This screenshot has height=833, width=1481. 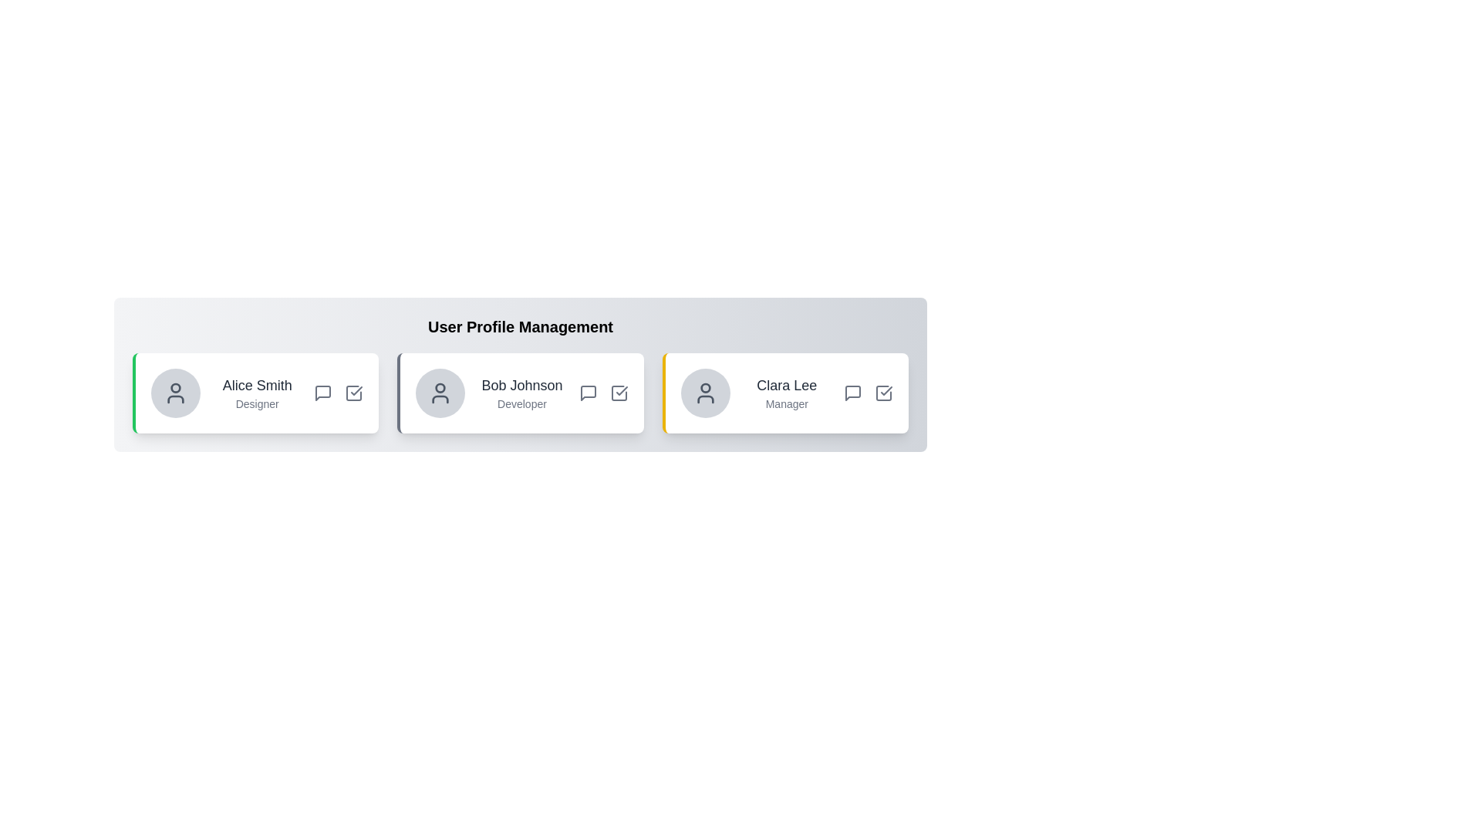 I want to click on the user profile icon representing 'Clara Lee', which is located in the top rounded area of the rightmost card in a three-card layout, so click(x=704, y=392).